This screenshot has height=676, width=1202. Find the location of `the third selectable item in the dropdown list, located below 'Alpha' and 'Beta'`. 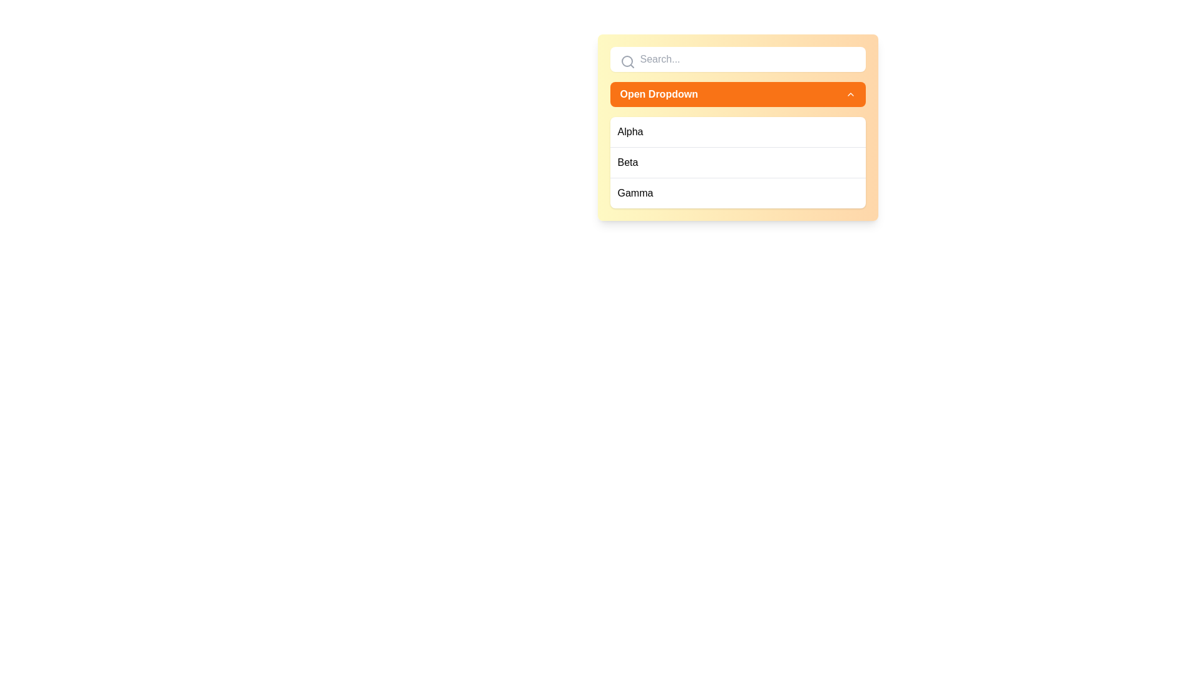

the third selectable item in the dropdown list, located below 'Alpha' and 'Beta' is located at coordinates (635, 193).